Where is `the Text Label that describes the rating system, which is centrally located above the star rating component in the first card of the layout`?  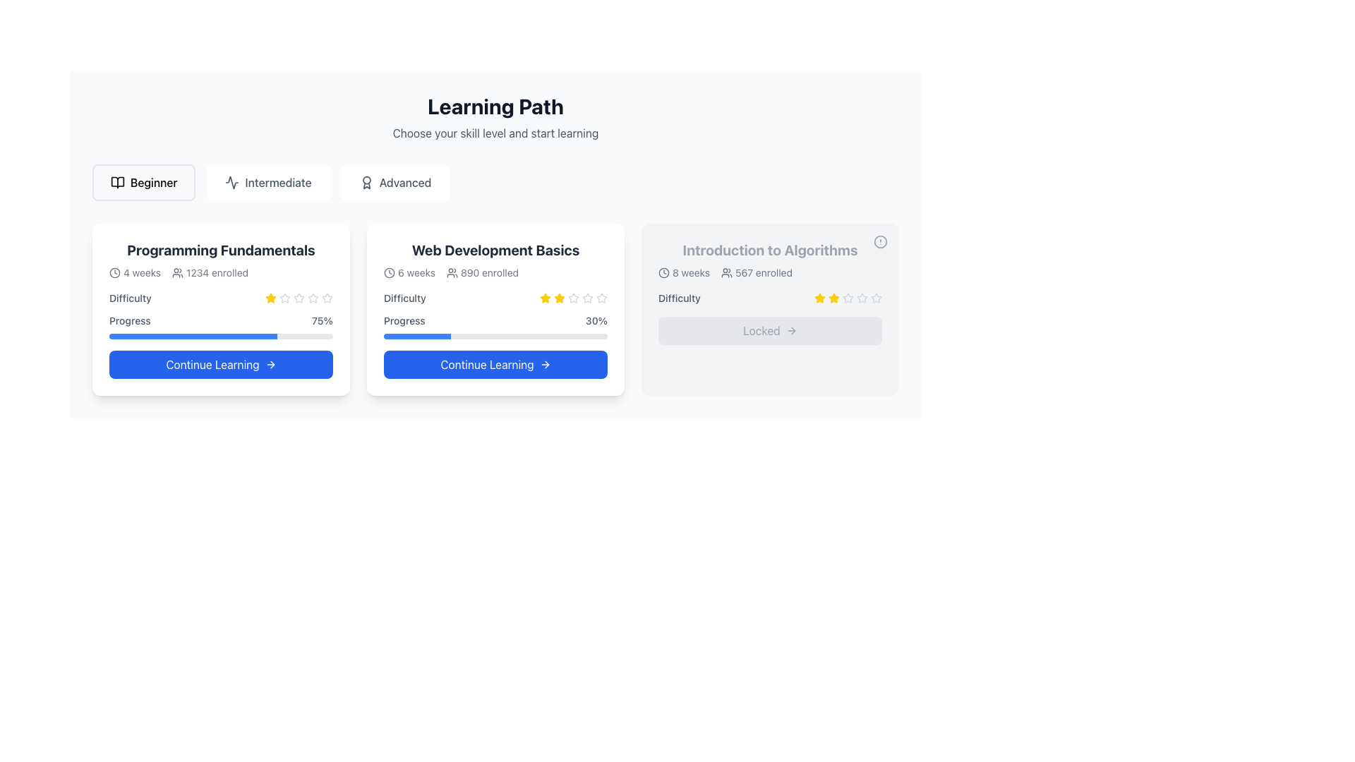 the Text Label that describes the rating system, which is centrally located above the star rating component in the first card of the layout is located at coordinates (130, 298).